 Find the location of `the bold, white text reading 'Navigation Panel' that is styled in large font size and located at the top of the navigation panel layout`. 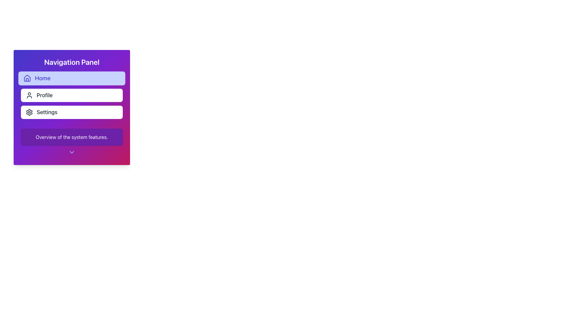

the bold, white text reading 'Navigation Panel' that is styled in large font size and located at the top of the navigation panel layout is located at coordinates (72, 62).